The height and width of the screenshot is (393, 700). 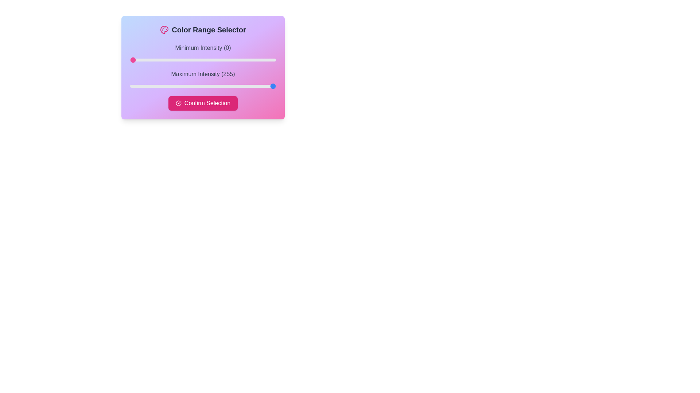 What do you see at coordinates (270, 60) in the screenshot?
I see `the minimum intensity slider to 246 value` at bounding box center [270, 60].